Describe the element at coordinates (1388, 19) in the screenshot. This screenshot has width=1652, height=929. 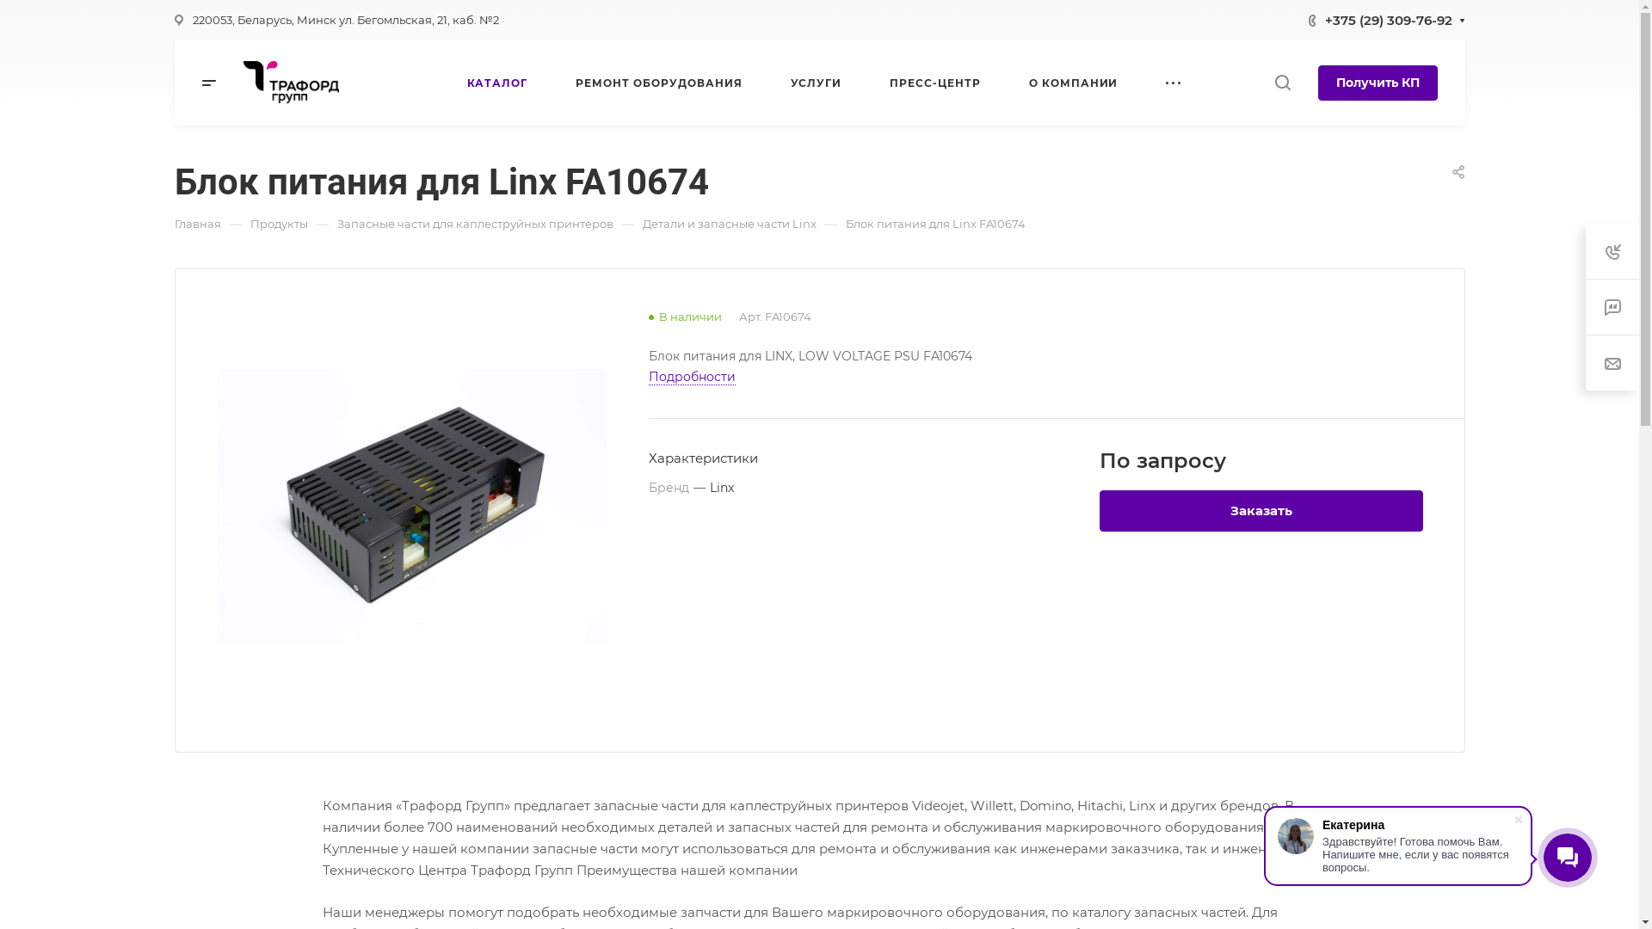
I see `'+375 (29) 309-76-92'` at that location.